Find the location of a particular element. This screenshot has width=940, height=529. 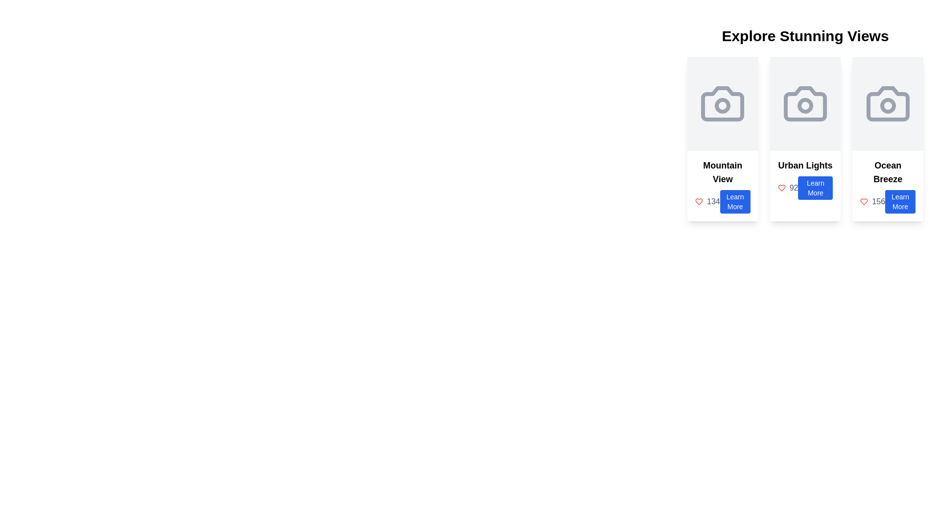

the camera icon with rounded corners, colored gray, located in the center of the second card beneath the title 'Explore Stunning Views' is located at coordinates (805, 104).